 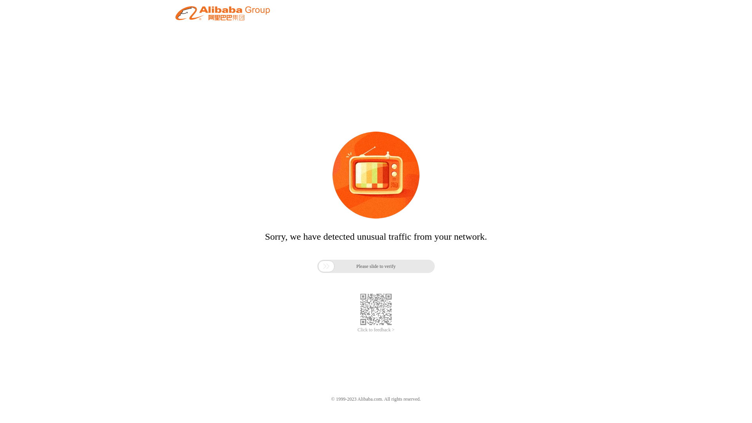 I want to click on 'Click to feedback >', so click(x=376, y=330).